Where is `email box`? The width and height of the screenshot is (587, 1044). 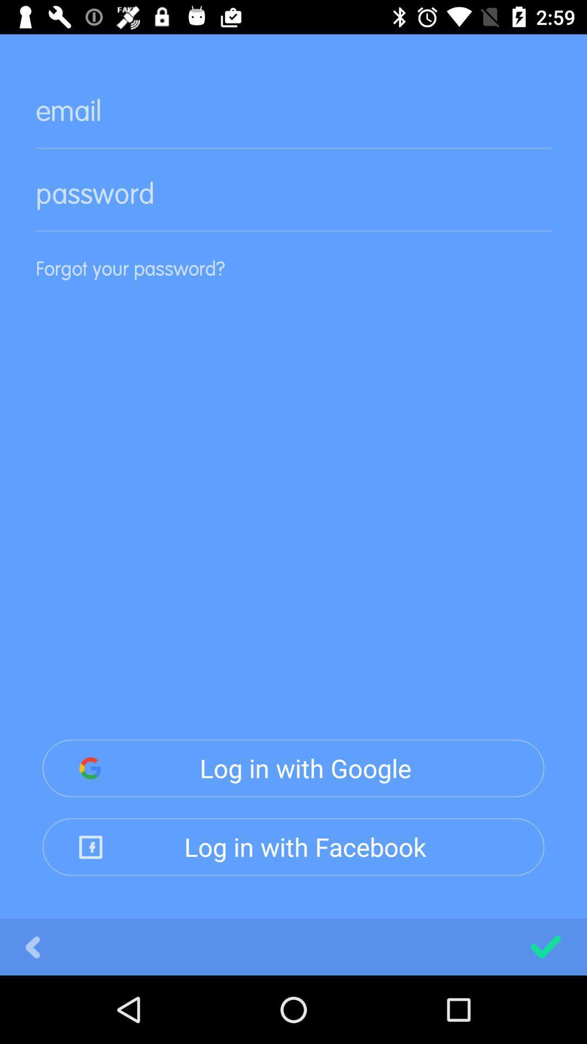
email box is located at coordinates (293, 120).